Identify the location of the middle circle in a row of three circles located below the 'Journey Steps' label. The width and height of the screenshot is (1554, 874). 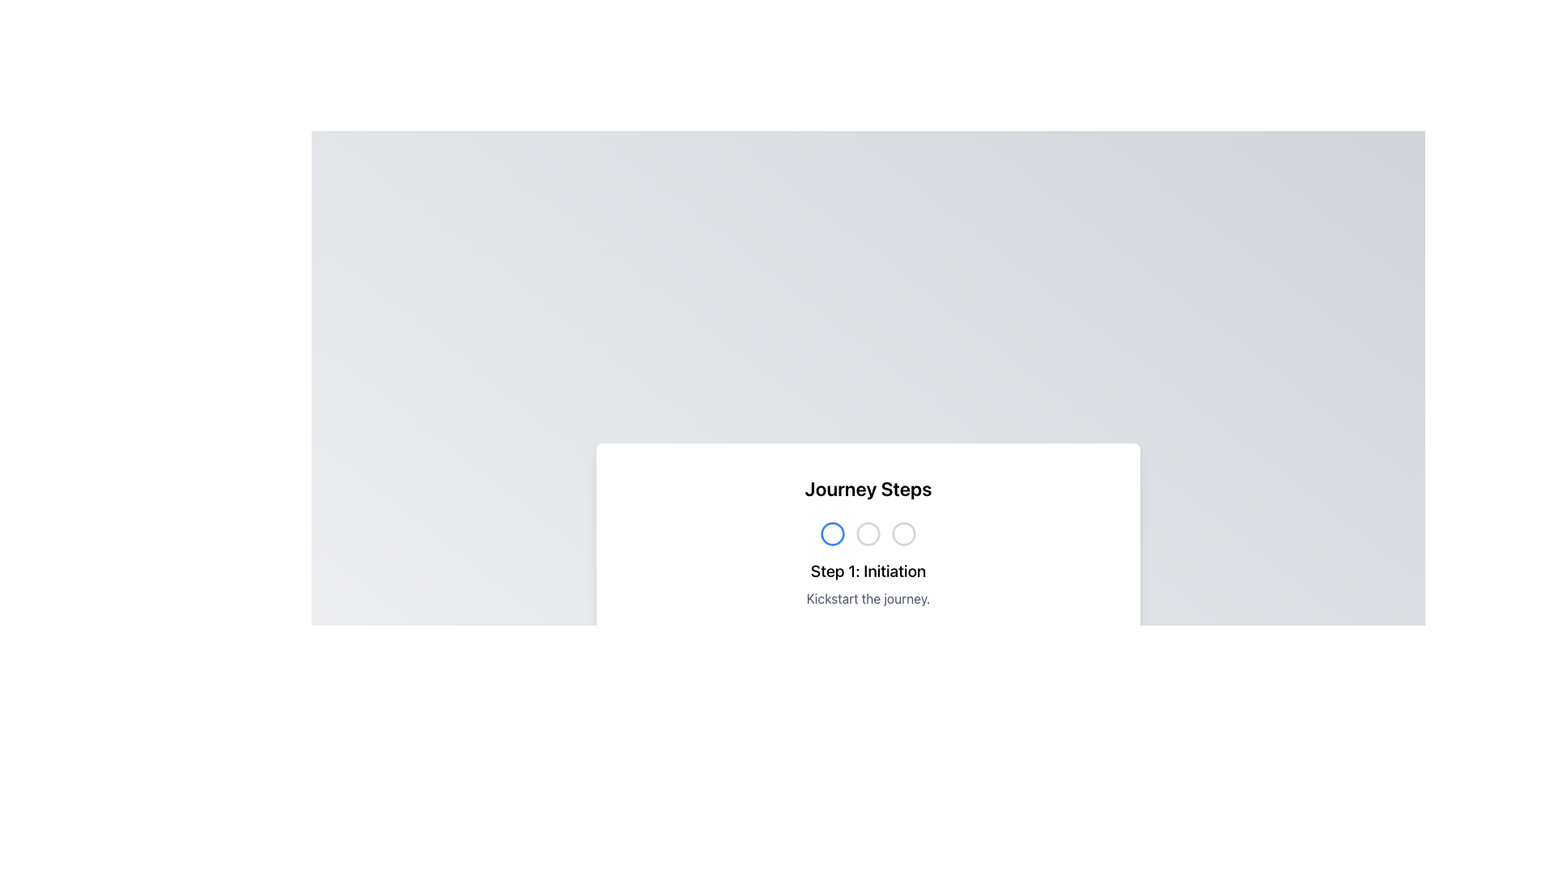
(868, 533).